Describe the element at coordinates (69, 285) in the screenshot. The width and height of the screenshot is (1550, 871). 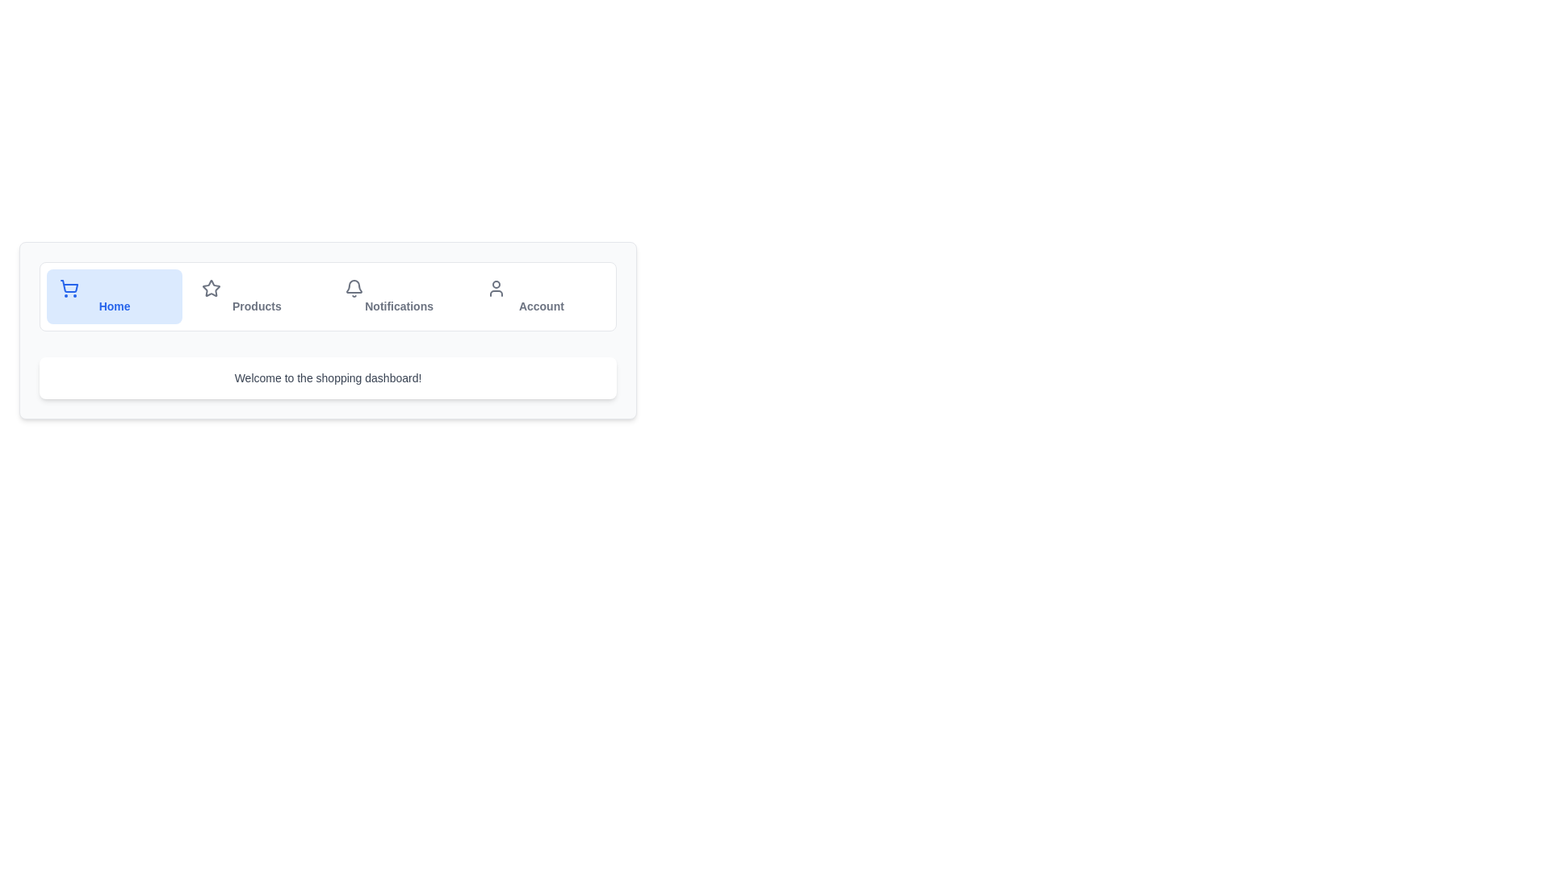
I see `the shopping cart icon in the 'Home' section of the navigation bar` at that location.